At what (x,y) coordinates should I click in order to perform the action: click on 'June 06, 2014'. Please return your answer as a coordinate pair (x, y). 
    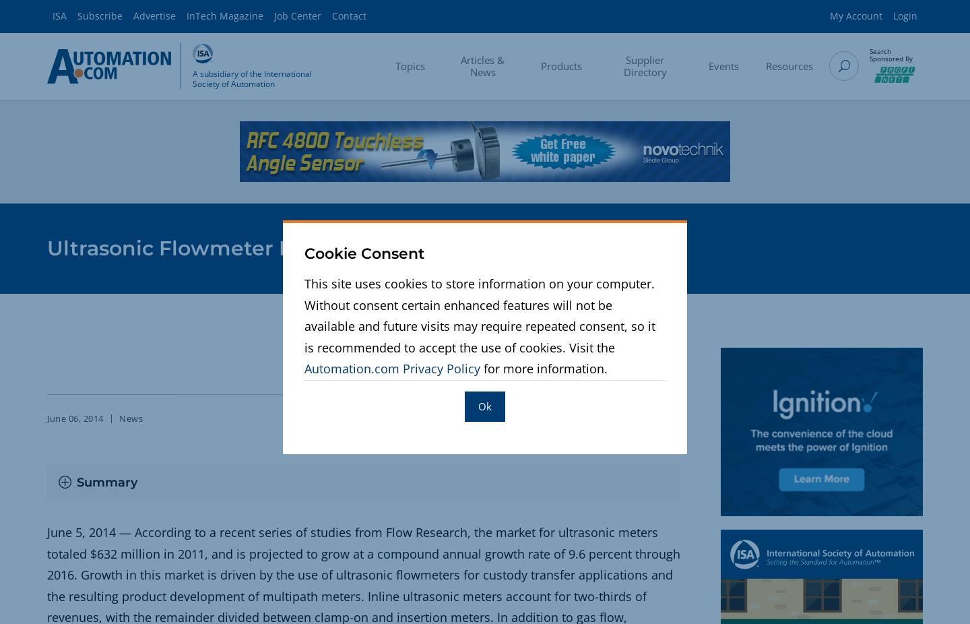
    Looking at the image, I should click on (75, 416).